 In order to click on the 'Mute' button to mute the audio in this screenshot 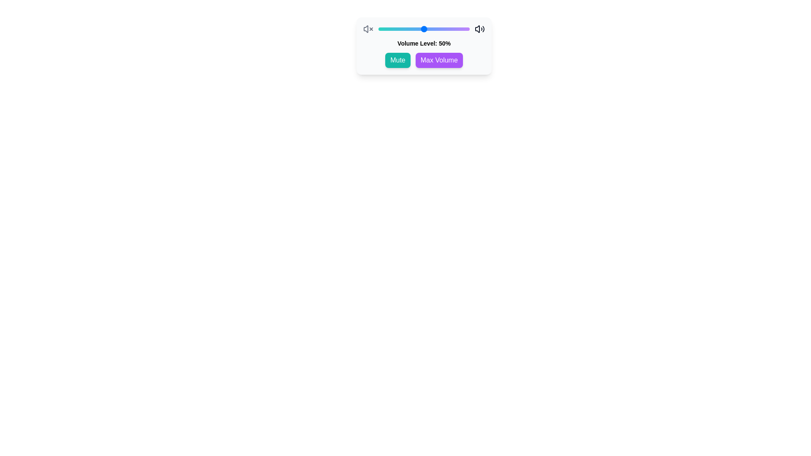, I will do `click(397, 60)`.